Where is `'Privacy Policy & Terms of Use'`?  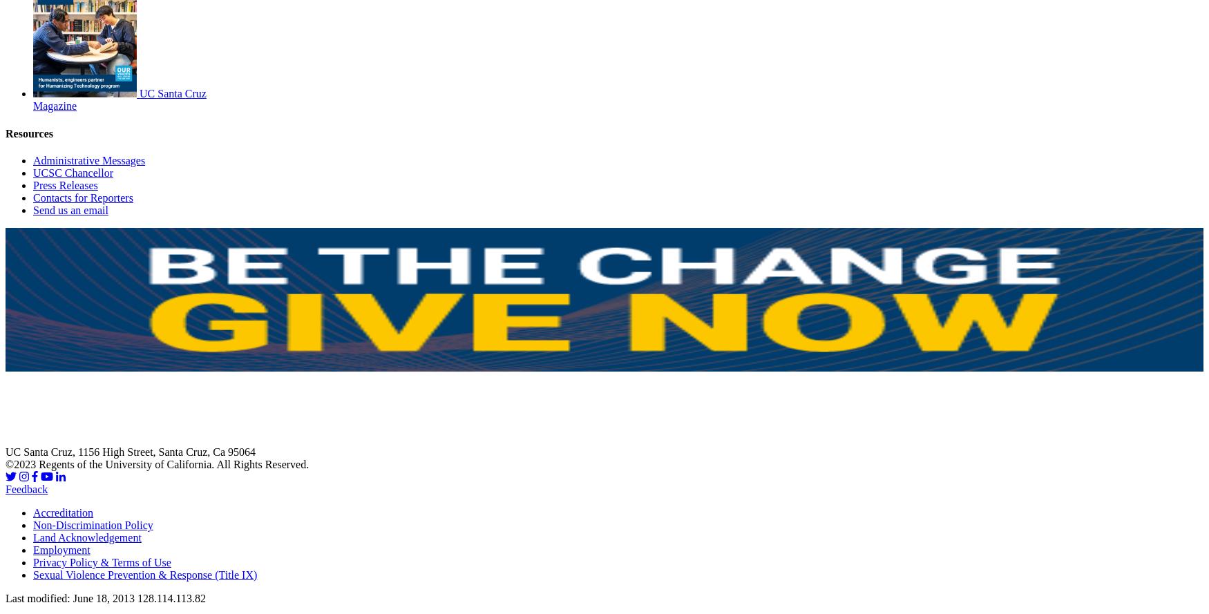
'Privacy Policy & Terms of Use' is located at coordinates (32, 562).